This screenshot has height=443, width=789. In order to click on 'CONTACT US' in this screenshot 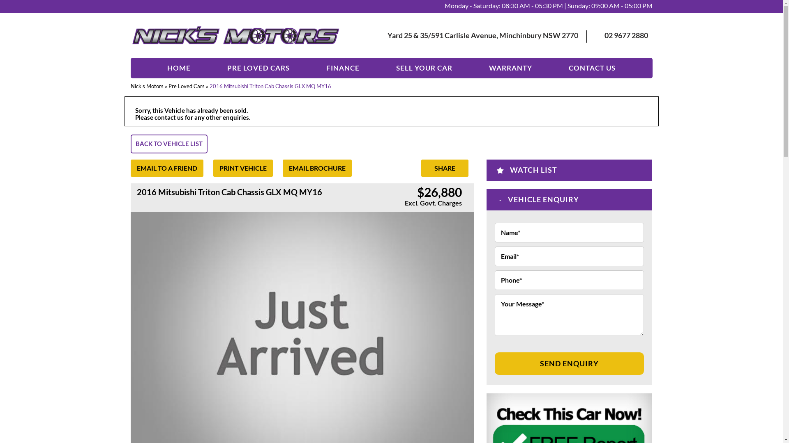, I will do `click(592, 67)`.